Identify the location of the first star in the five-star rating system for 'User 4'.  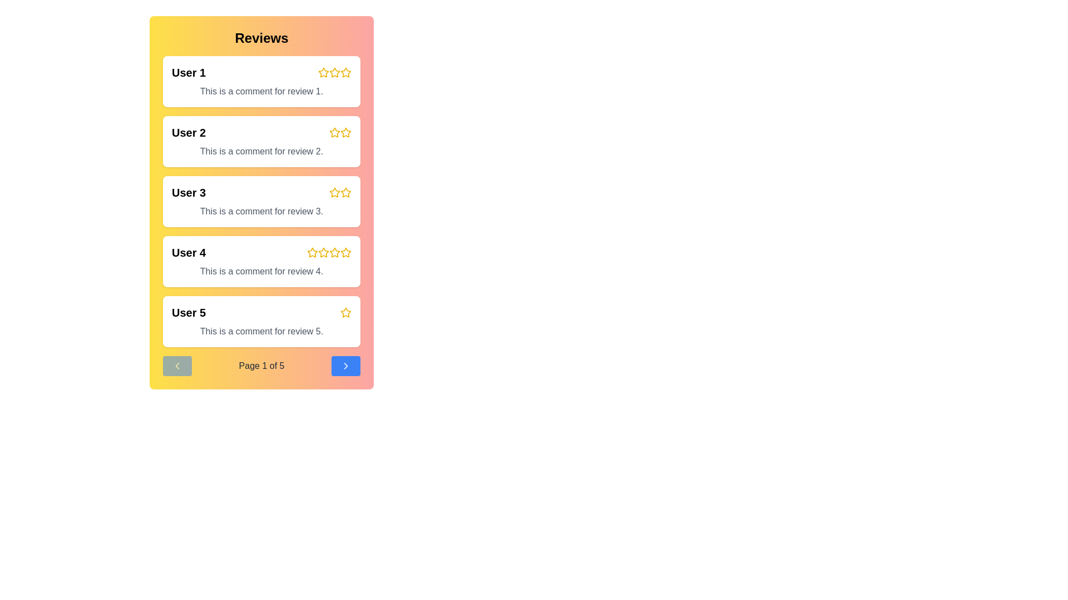
(311, 253).